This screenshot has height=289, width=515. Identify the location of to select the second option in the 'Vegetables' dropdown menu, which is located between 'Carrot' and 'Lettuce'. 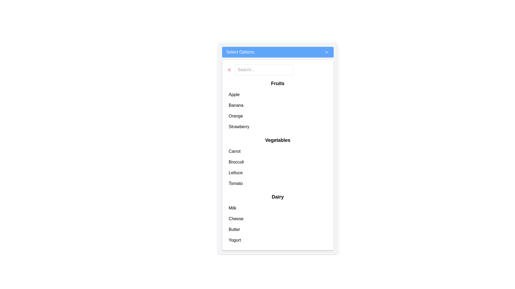
(278, 162).